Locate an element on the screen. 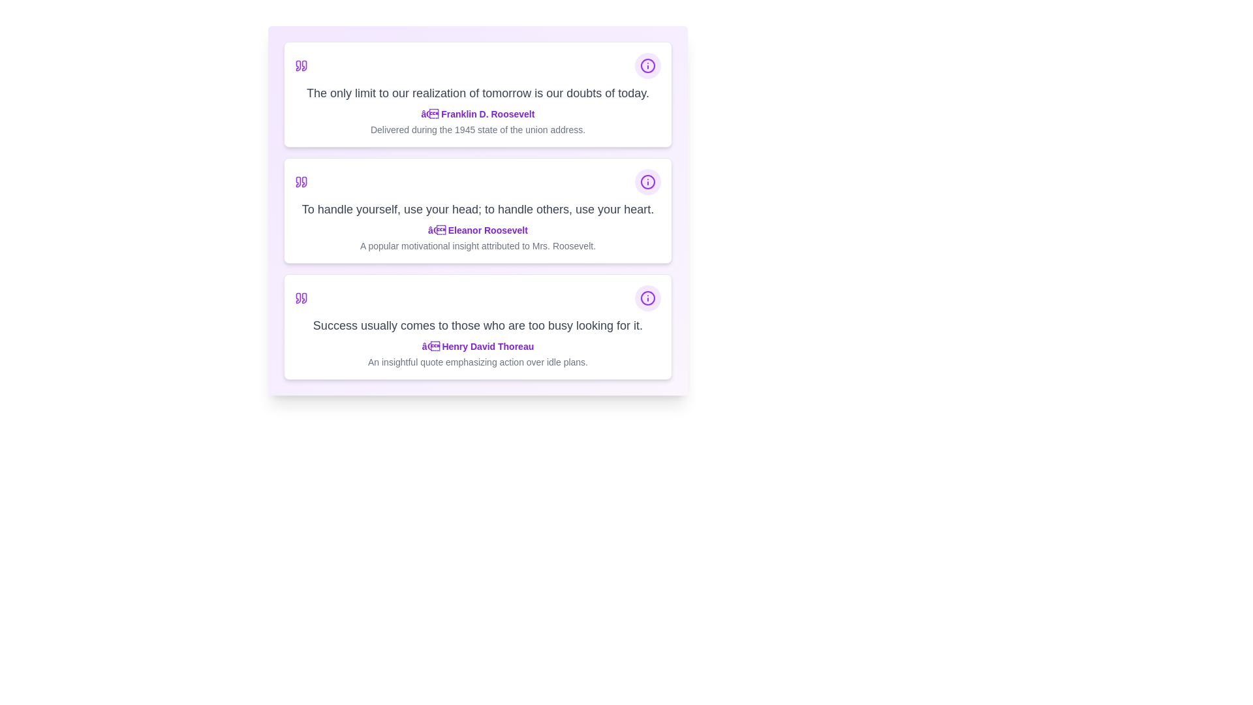 The width and height of the screenshot is (1253, 705). the static text label that identifies Eleanor Roosevelt as the source of the quote in the second card, located below the quote text and above the attribution note is located at coordinates (477, 230).